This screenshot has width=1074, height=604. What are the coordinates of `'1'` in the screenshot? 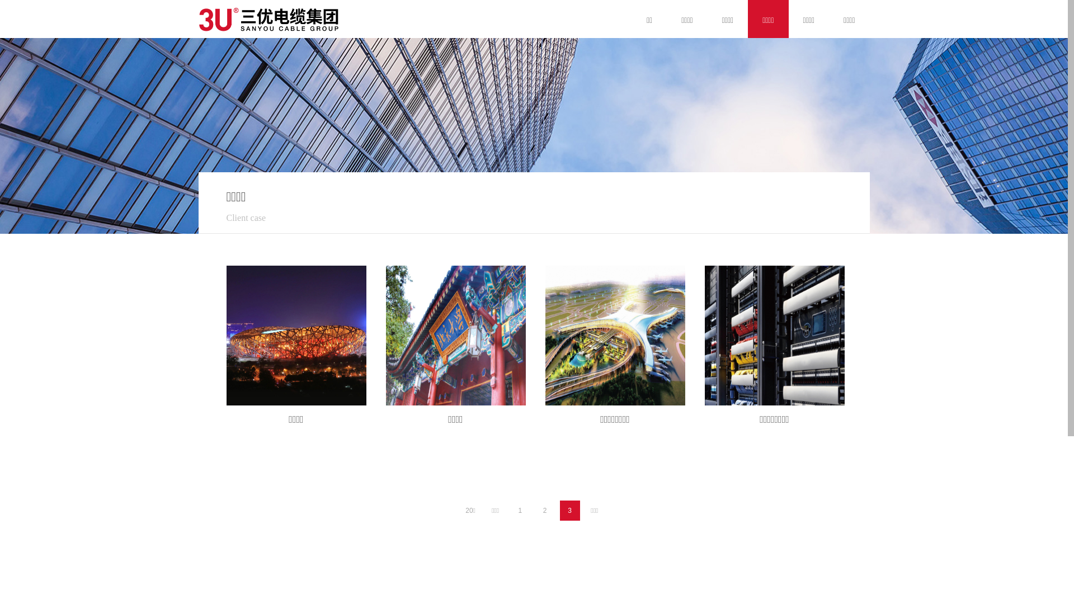 It's located at (520, 511).